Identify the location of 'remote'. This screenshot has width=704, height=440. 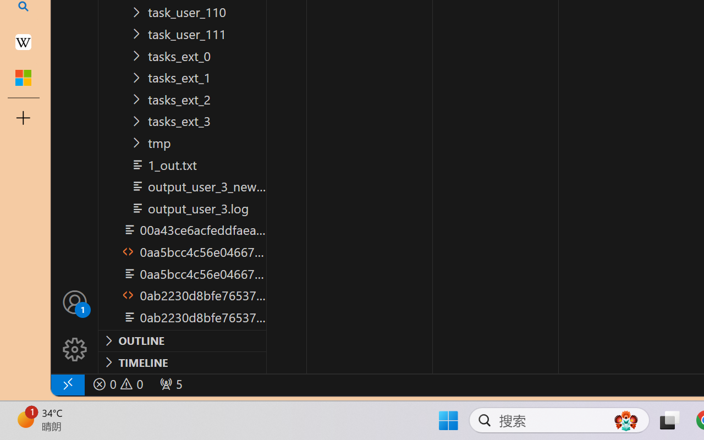
(67, 384).